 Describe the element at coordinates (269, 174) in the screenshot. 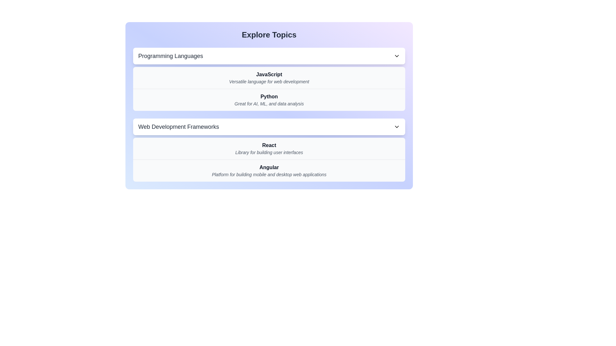

I see `the text label that reads 'Platform for building mobile and desktop web applications', styled in gray and italicized, located directly below the 'Angular' label` at that location.